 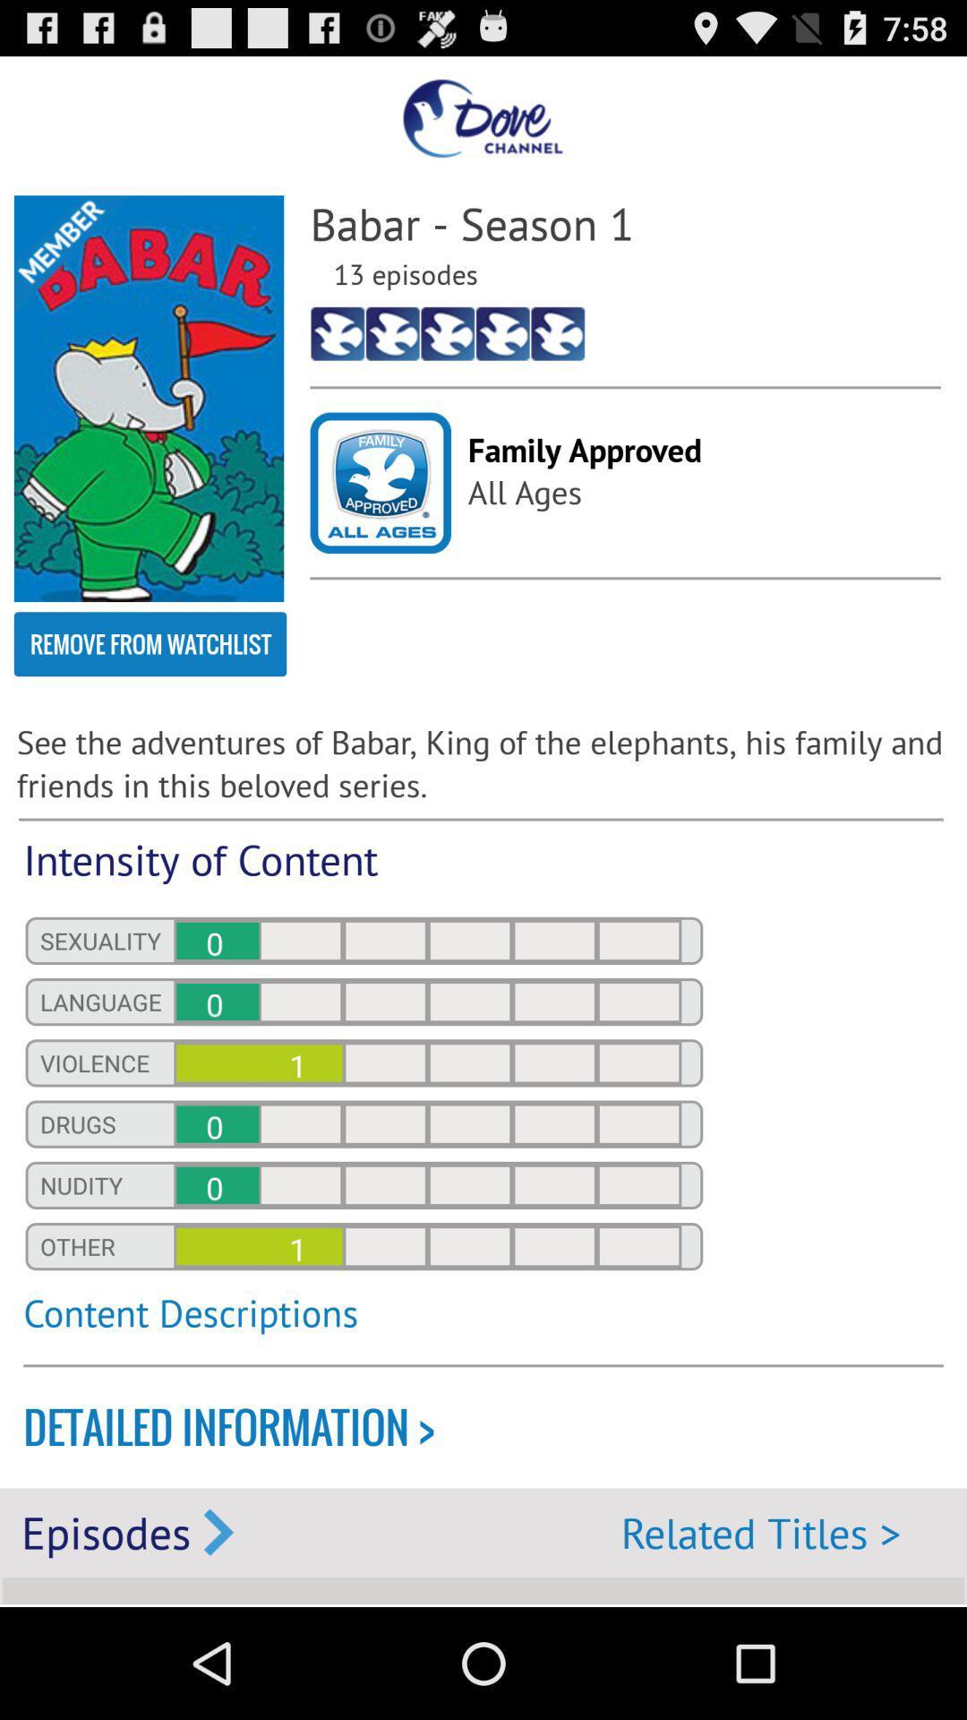 I want to click on app next to the babar - season 1 icon, so click(x=148, y=398).